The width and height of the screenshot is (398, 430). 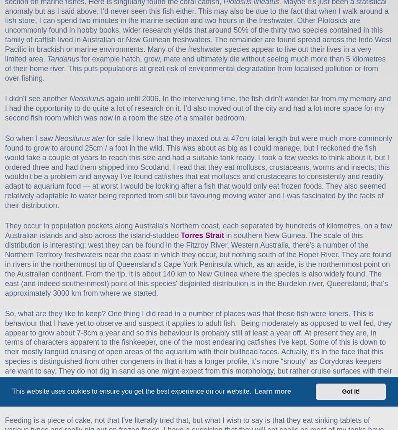 I want to click on 'Learn more', so click(x=272, y=391).